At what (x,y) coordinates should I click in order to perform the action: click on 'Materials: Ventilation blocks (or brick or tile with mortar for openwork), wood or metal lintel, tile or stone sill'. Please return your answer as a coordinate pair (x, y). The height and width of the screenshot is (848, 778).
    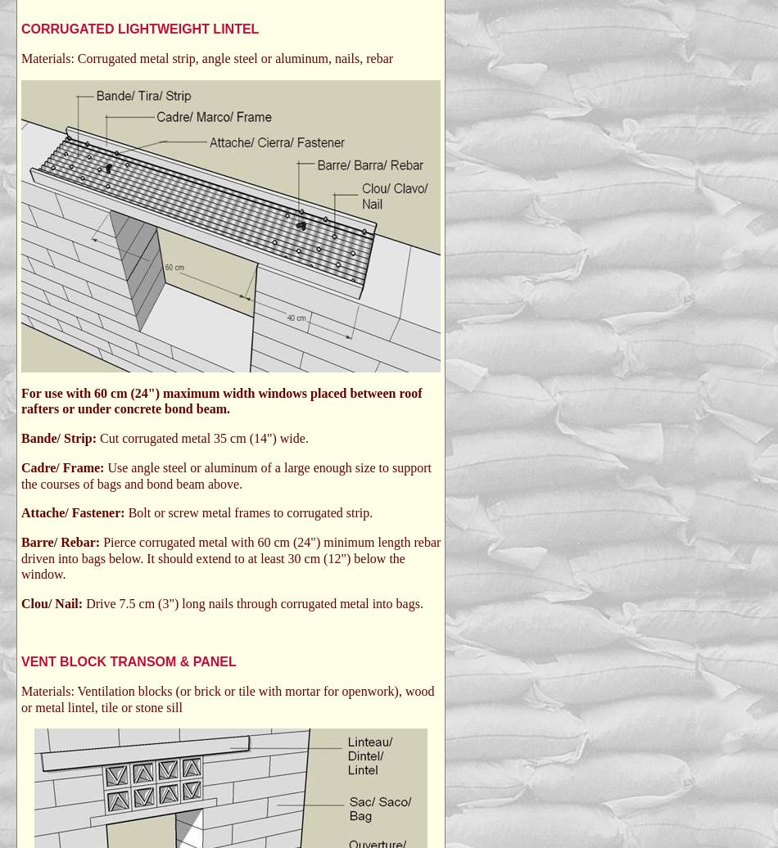
    Looking at the image, I should click on (226, 698).